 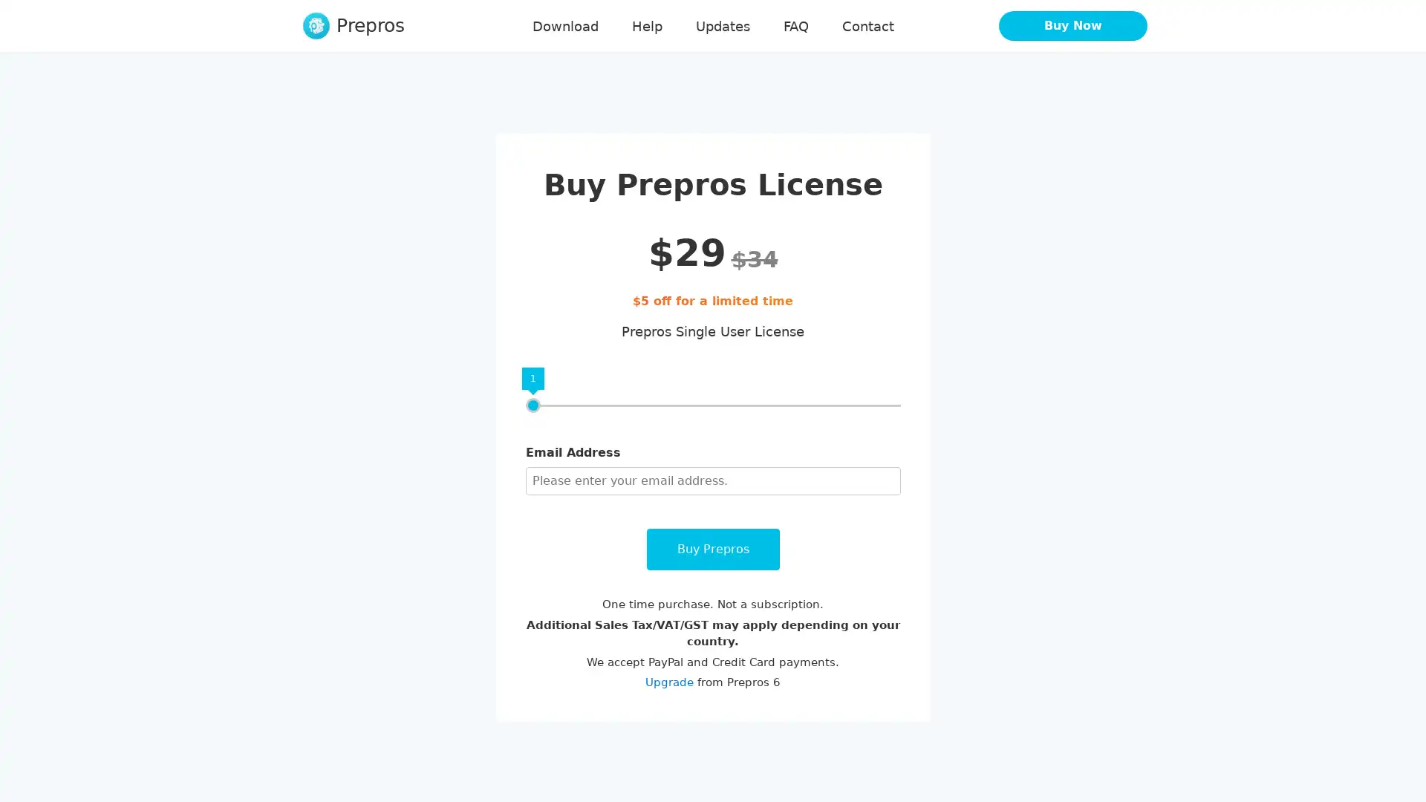 What do you see at coordinates (712, 550) in the screenshot?
I see `Buy Prepros` at bounding box center [712, 550].